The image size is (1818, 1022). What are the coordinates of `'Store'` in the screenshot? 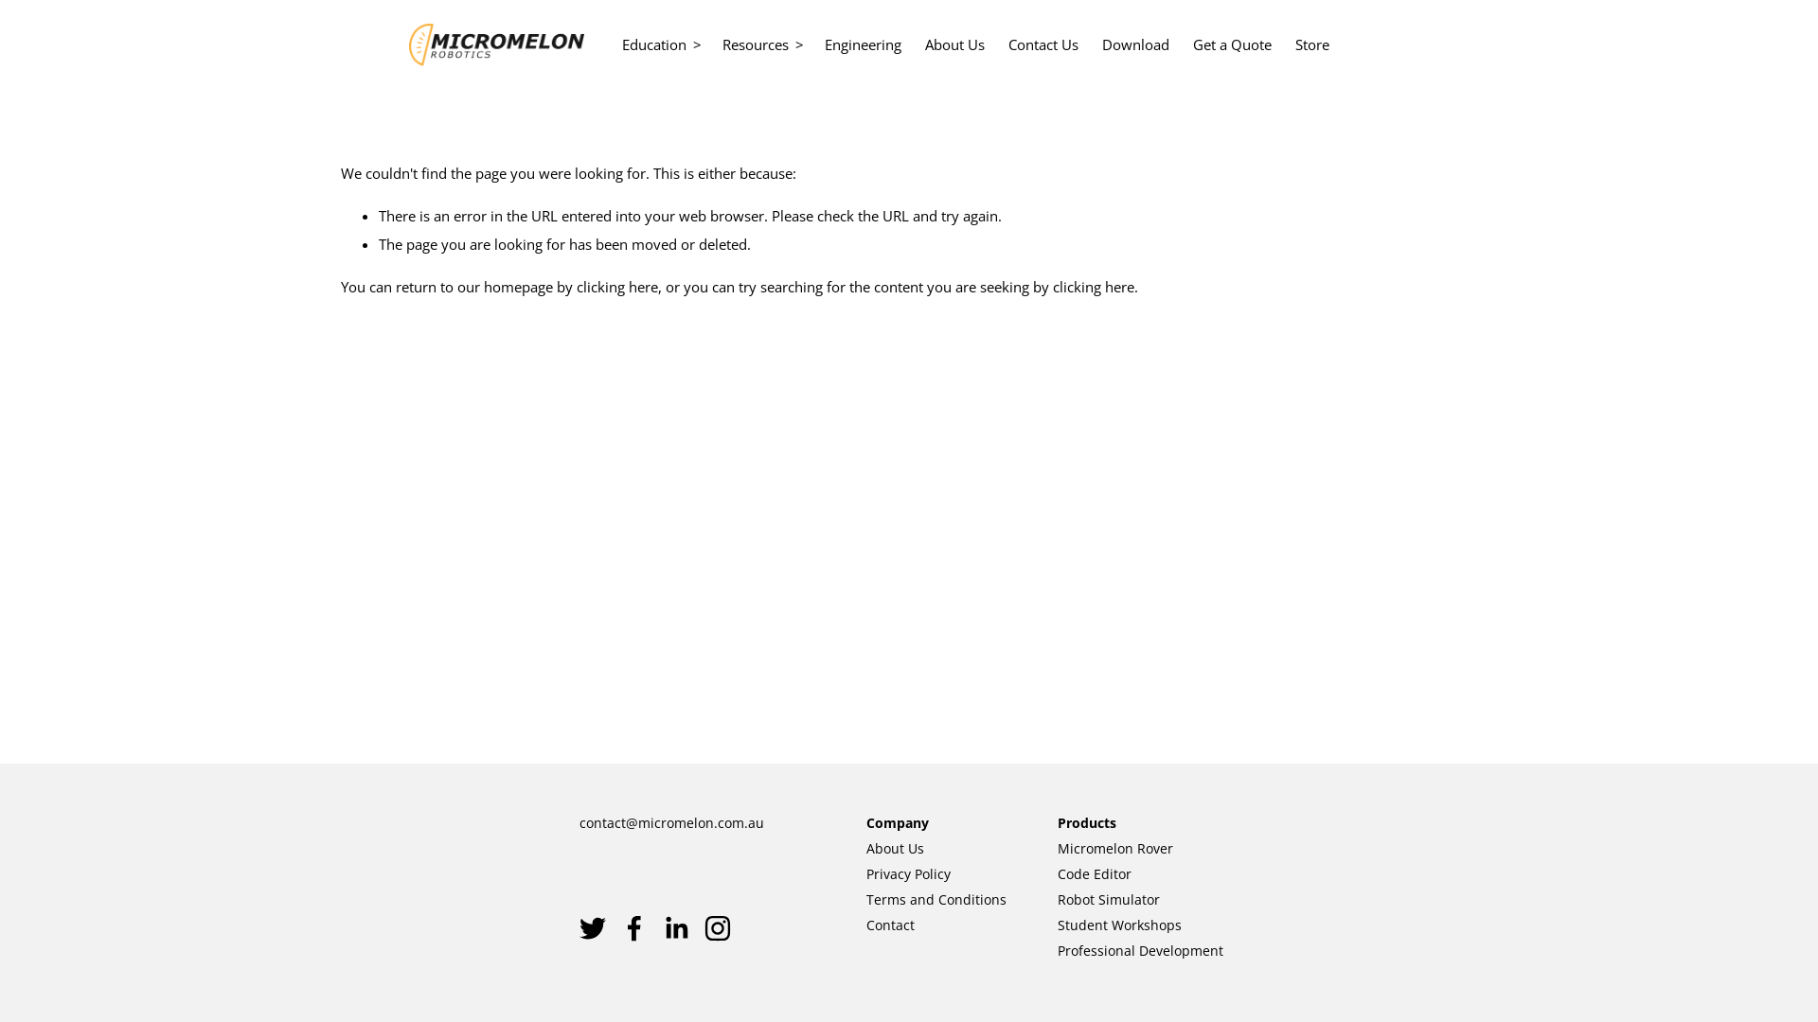 It's located at (1311, 44).